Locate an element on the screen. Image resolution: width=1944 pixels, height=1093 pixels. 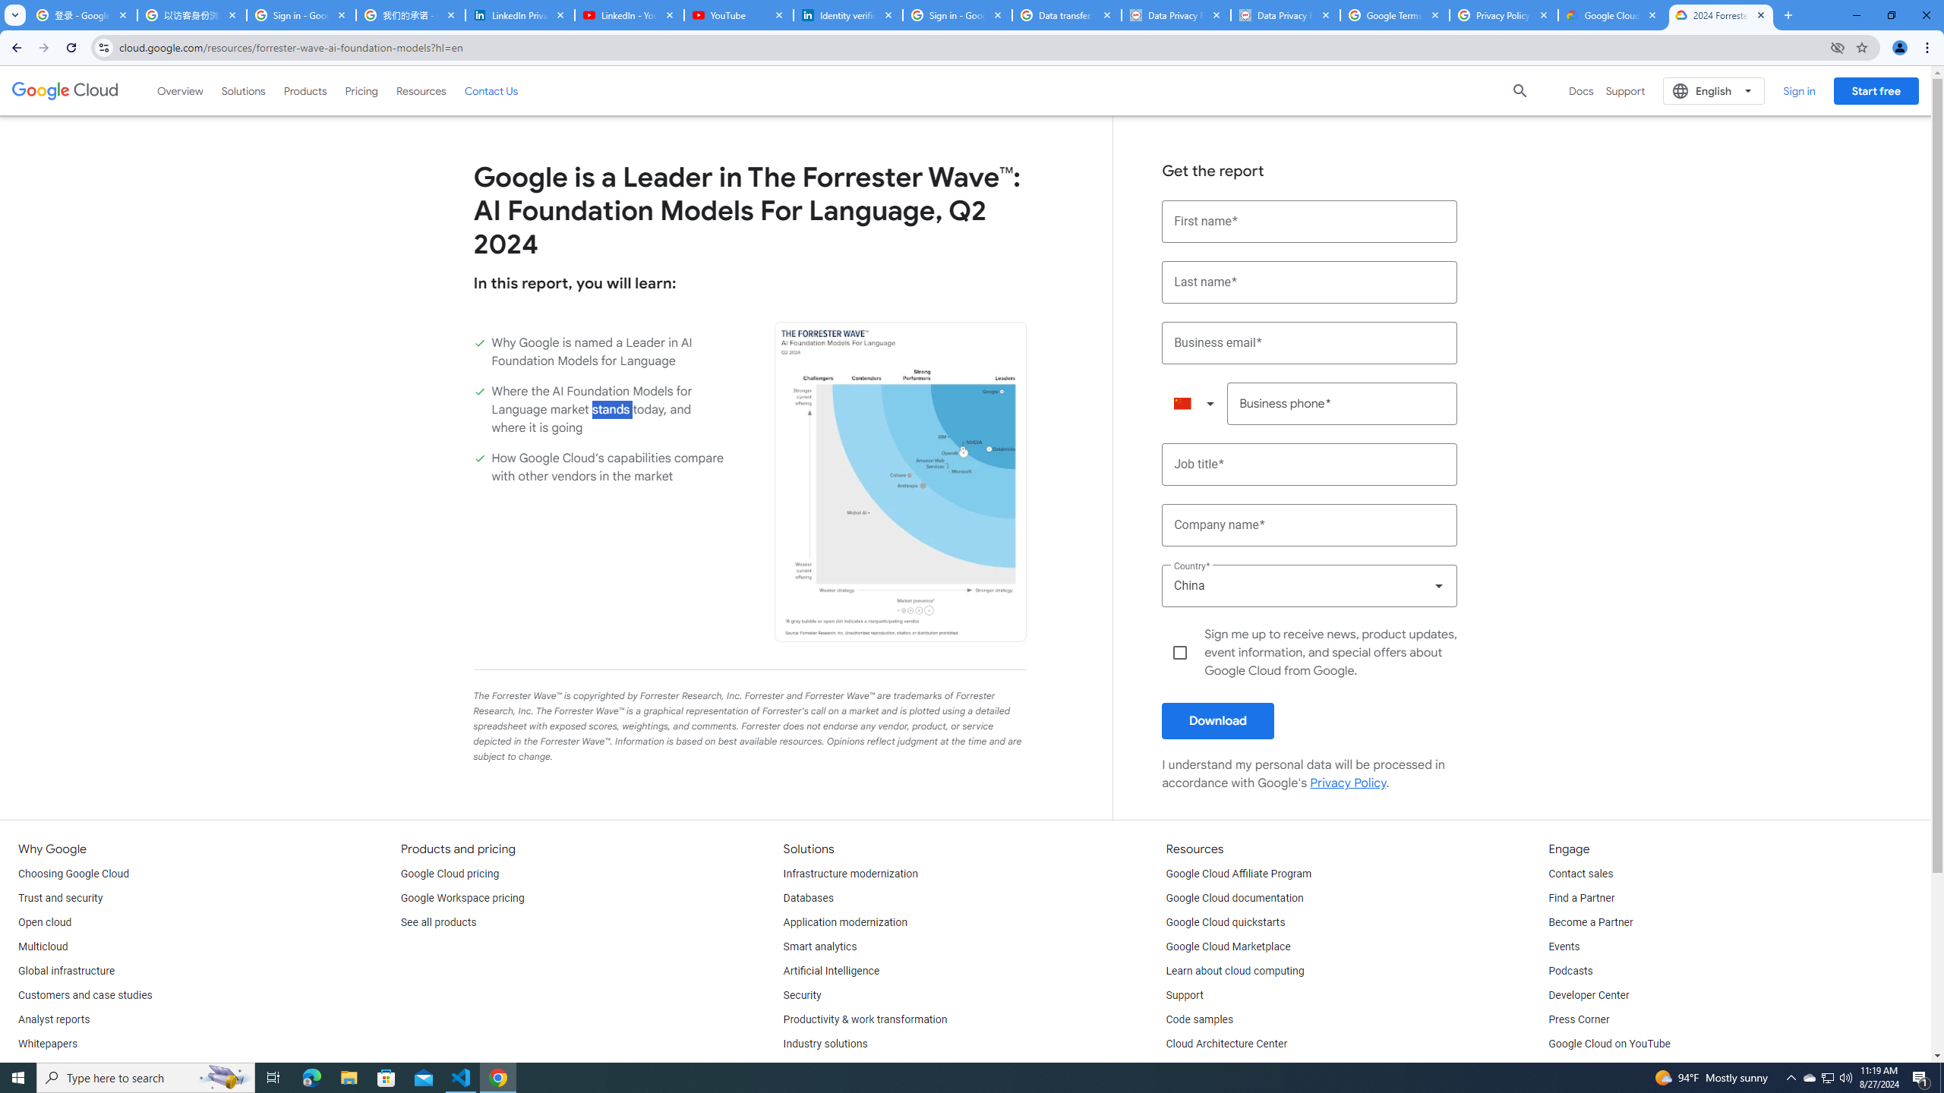
'Databases' is located at coordinates (807, 898).